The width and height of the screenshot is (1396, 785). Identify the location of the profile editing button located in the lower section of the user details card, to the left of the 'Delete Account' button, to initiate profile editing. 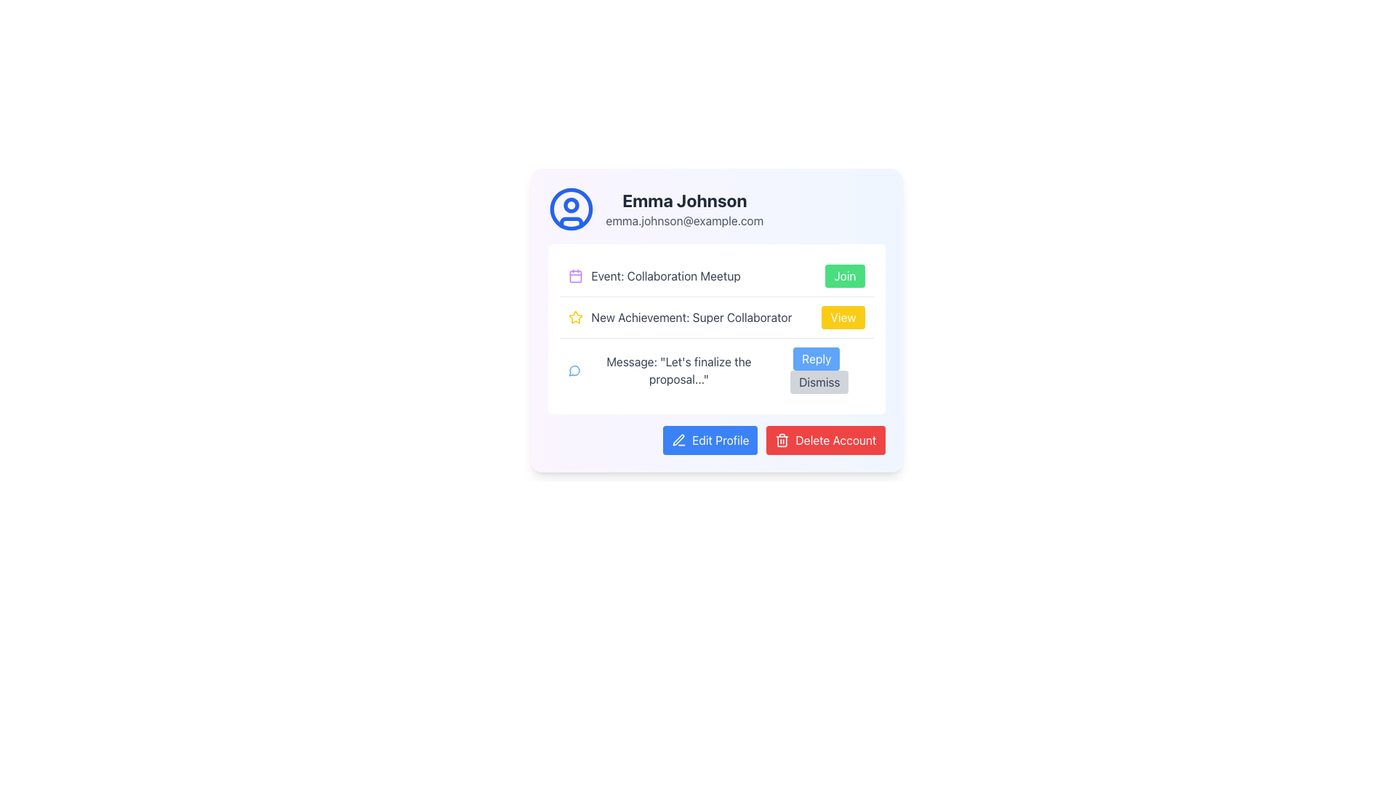
(710, 439).